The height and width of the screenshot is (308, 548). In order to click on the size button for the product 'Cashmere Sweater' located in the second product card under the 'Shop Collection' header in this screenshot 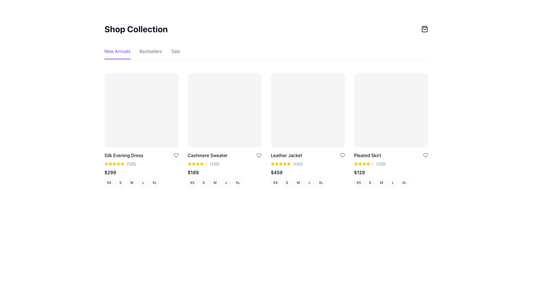, I will do `click(224, 169)`.